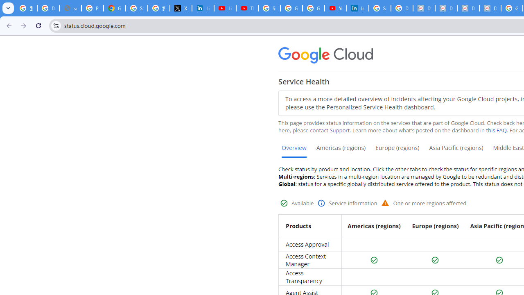 The image size is (524, 295). What do you see at coordinates (330, 130) in the screenshot?
I see `'contact Support'` at bounding box center [330, 130].